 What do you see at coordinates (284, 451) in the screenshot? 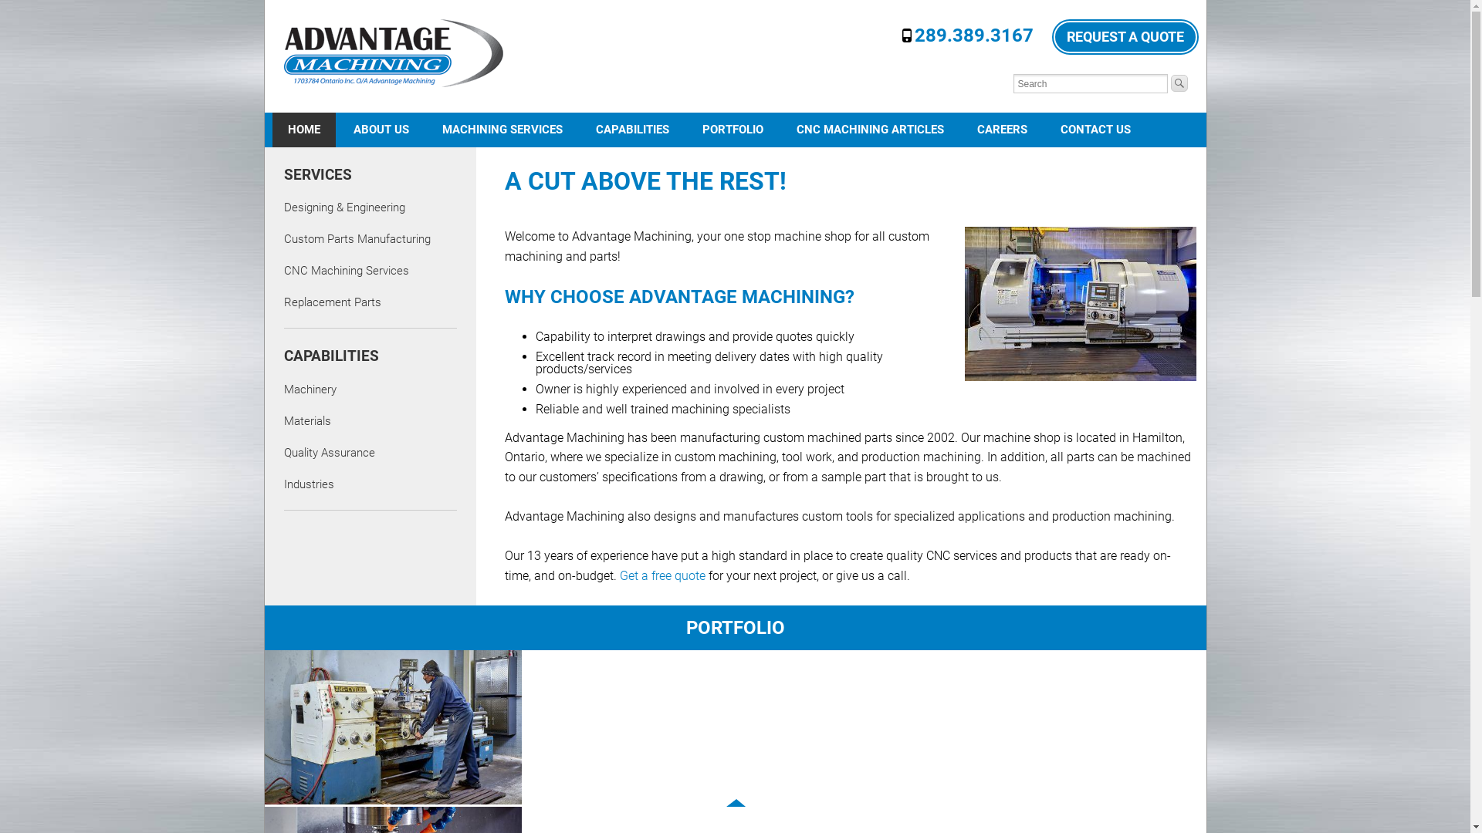
I see `'Quality Assurance'` at bounding box center [284, 451].